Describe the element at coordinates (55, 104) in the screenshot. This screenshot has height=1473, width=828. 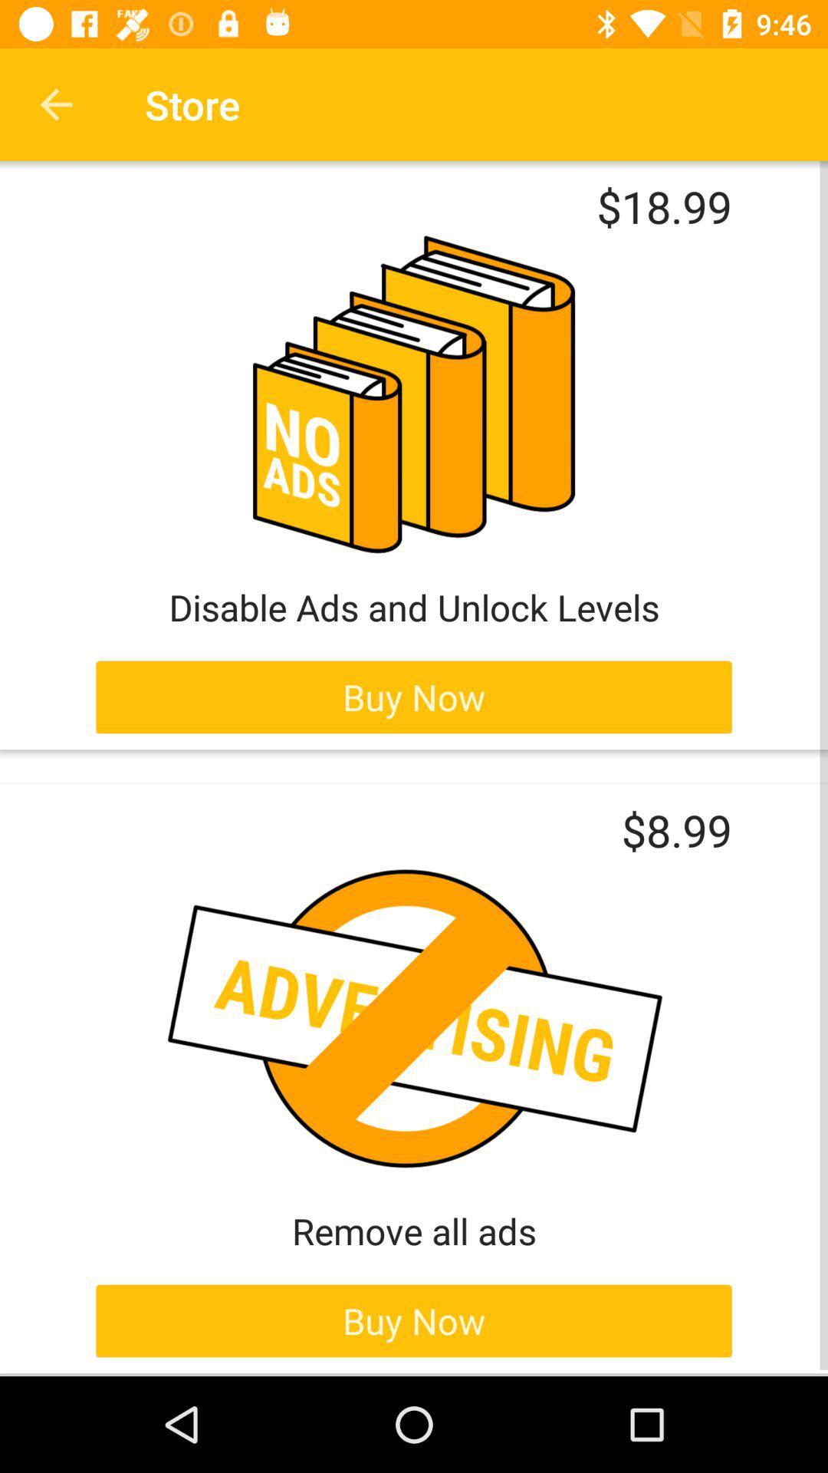
I see `item to the left of store item` at that location.